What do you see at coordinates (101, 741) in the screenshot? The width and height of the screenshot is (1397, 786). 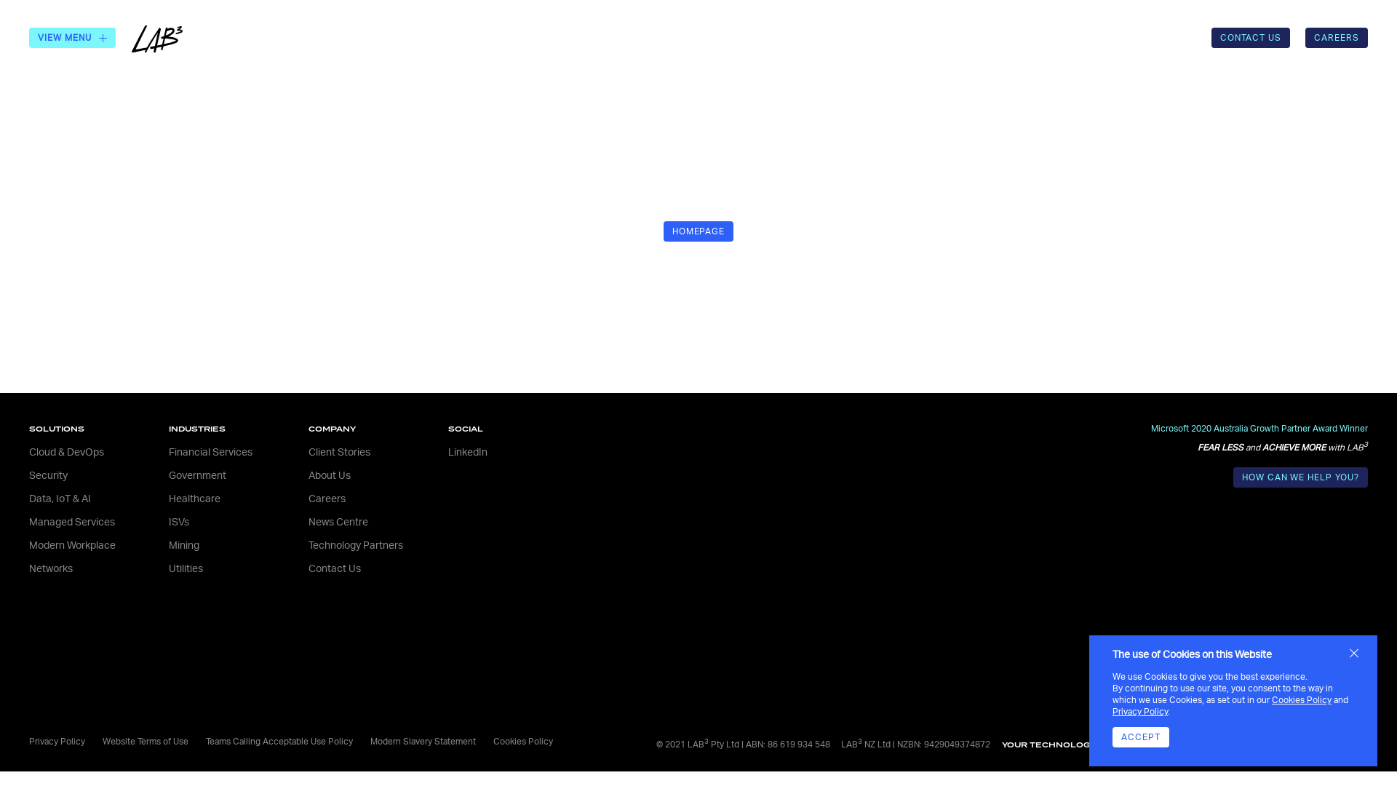 I see `'Website Terms of Use'` at bounding box center [101, 741].